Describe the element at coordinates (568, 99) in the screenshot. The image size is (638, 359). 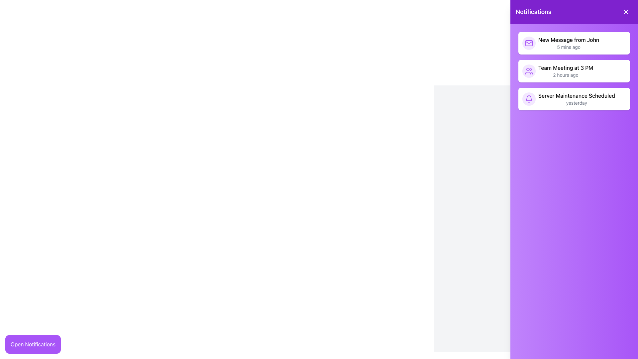
I see `the third notification item displaying a bell icon with the text 'Server Maintenance Scheduled'` at that location.